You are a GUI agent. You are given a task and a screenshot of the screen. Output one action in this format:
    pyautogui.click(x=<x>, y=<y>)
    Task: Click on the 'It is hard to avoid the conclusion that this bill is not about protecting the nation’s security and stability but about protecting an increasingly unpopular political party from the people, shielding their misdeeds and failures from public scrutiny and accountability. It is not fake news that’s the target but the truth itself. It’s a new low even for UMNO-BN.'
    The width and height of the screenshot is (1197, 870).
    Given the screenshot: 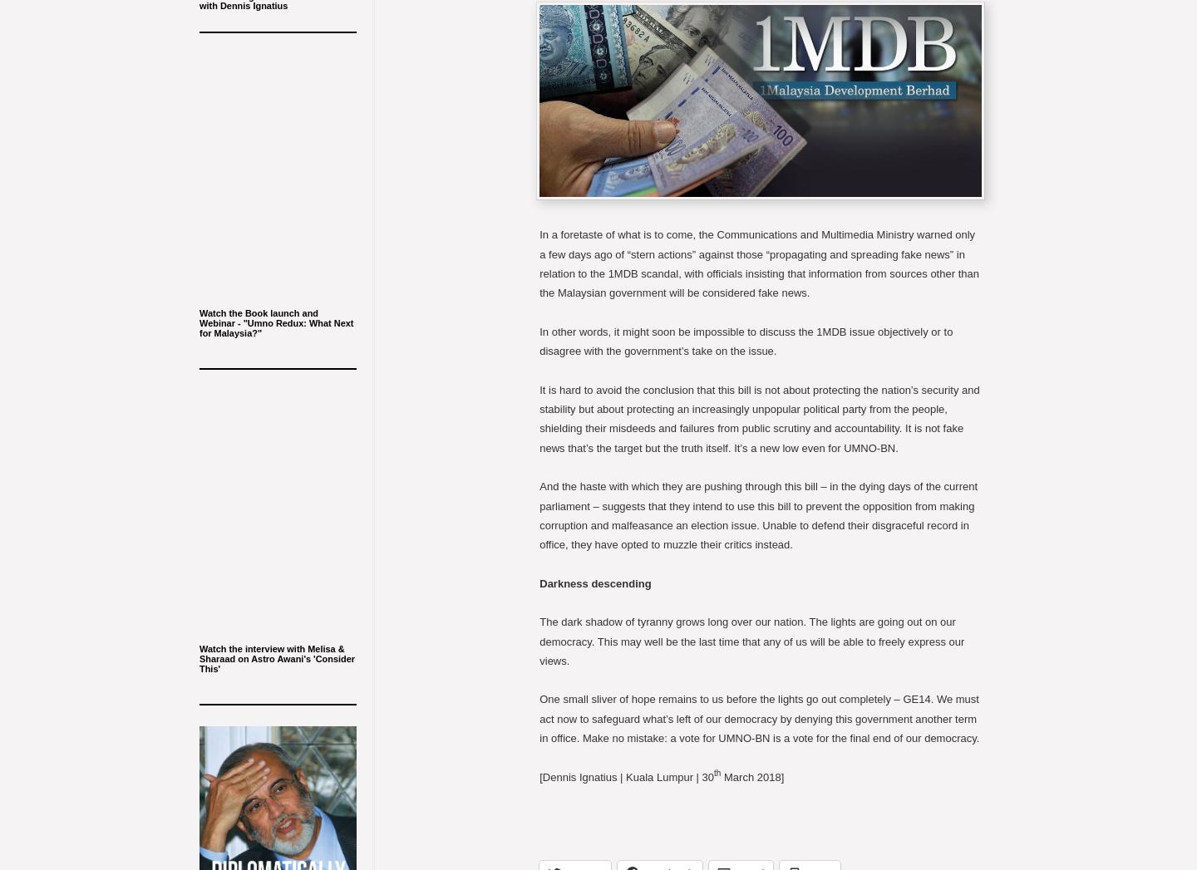 What is the action you would take?
    pyautogui.click(x=759, y=417)
    